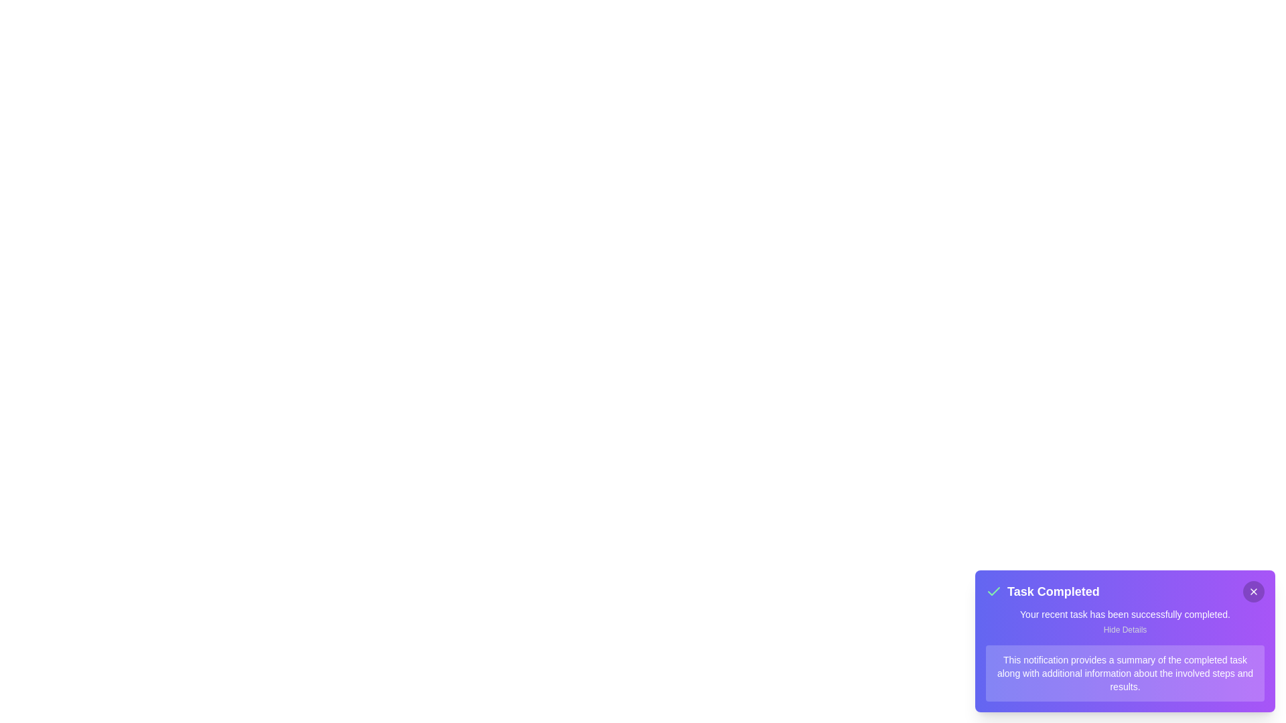 This screenshot has width=1286, height=723. I want to click on the dismiss button to hide the snackbar, so click(1253, 590).